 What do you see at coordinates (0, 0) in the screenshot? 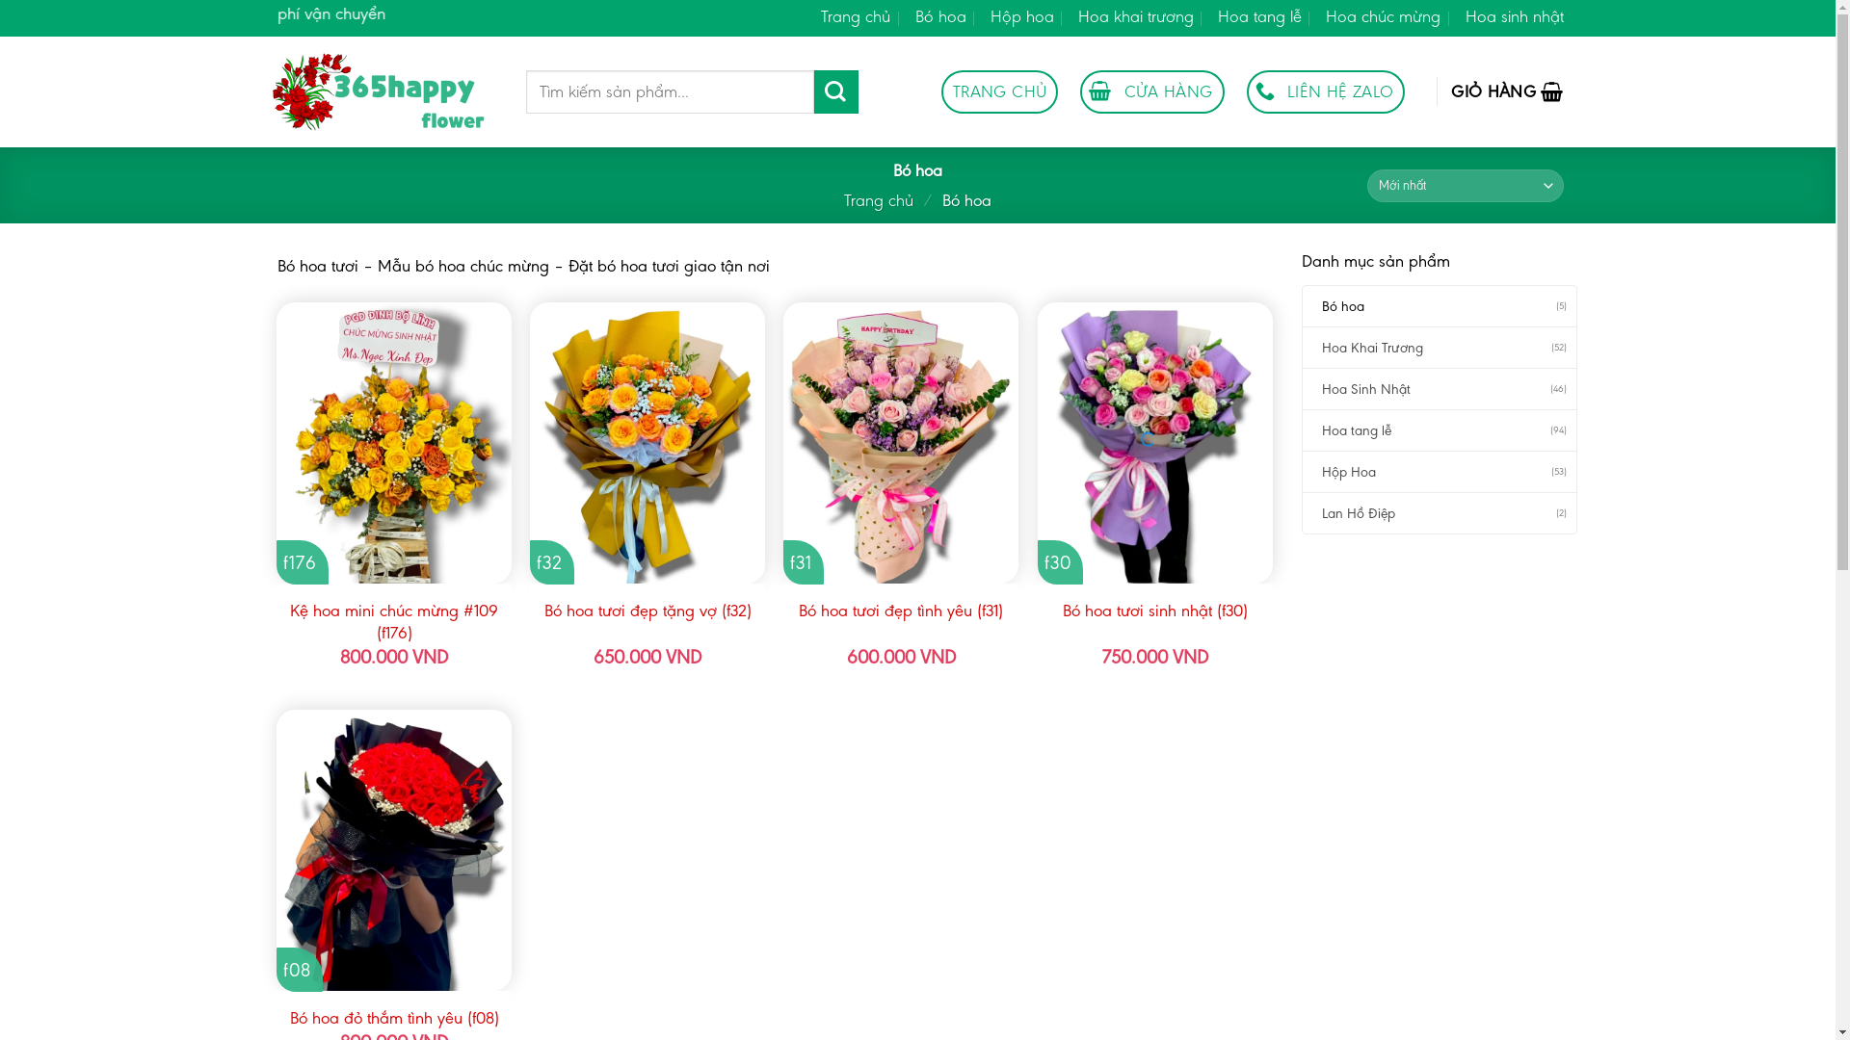
I see `'Skip to content'` at bounding box center [0, 0].